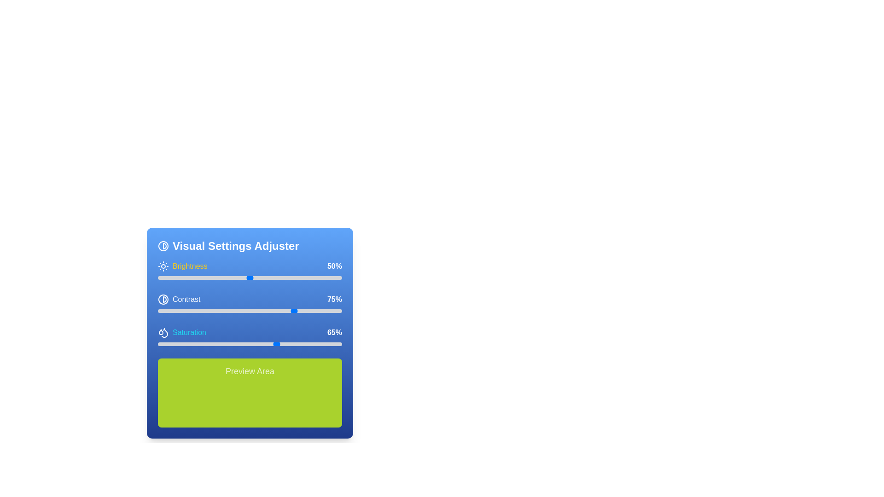  I want to click on the brightness slider, which is a blue slider control with a circular thumb handle positioned below the 'Brightness' label and adjacent to a '50%' label, so click(250, 271).